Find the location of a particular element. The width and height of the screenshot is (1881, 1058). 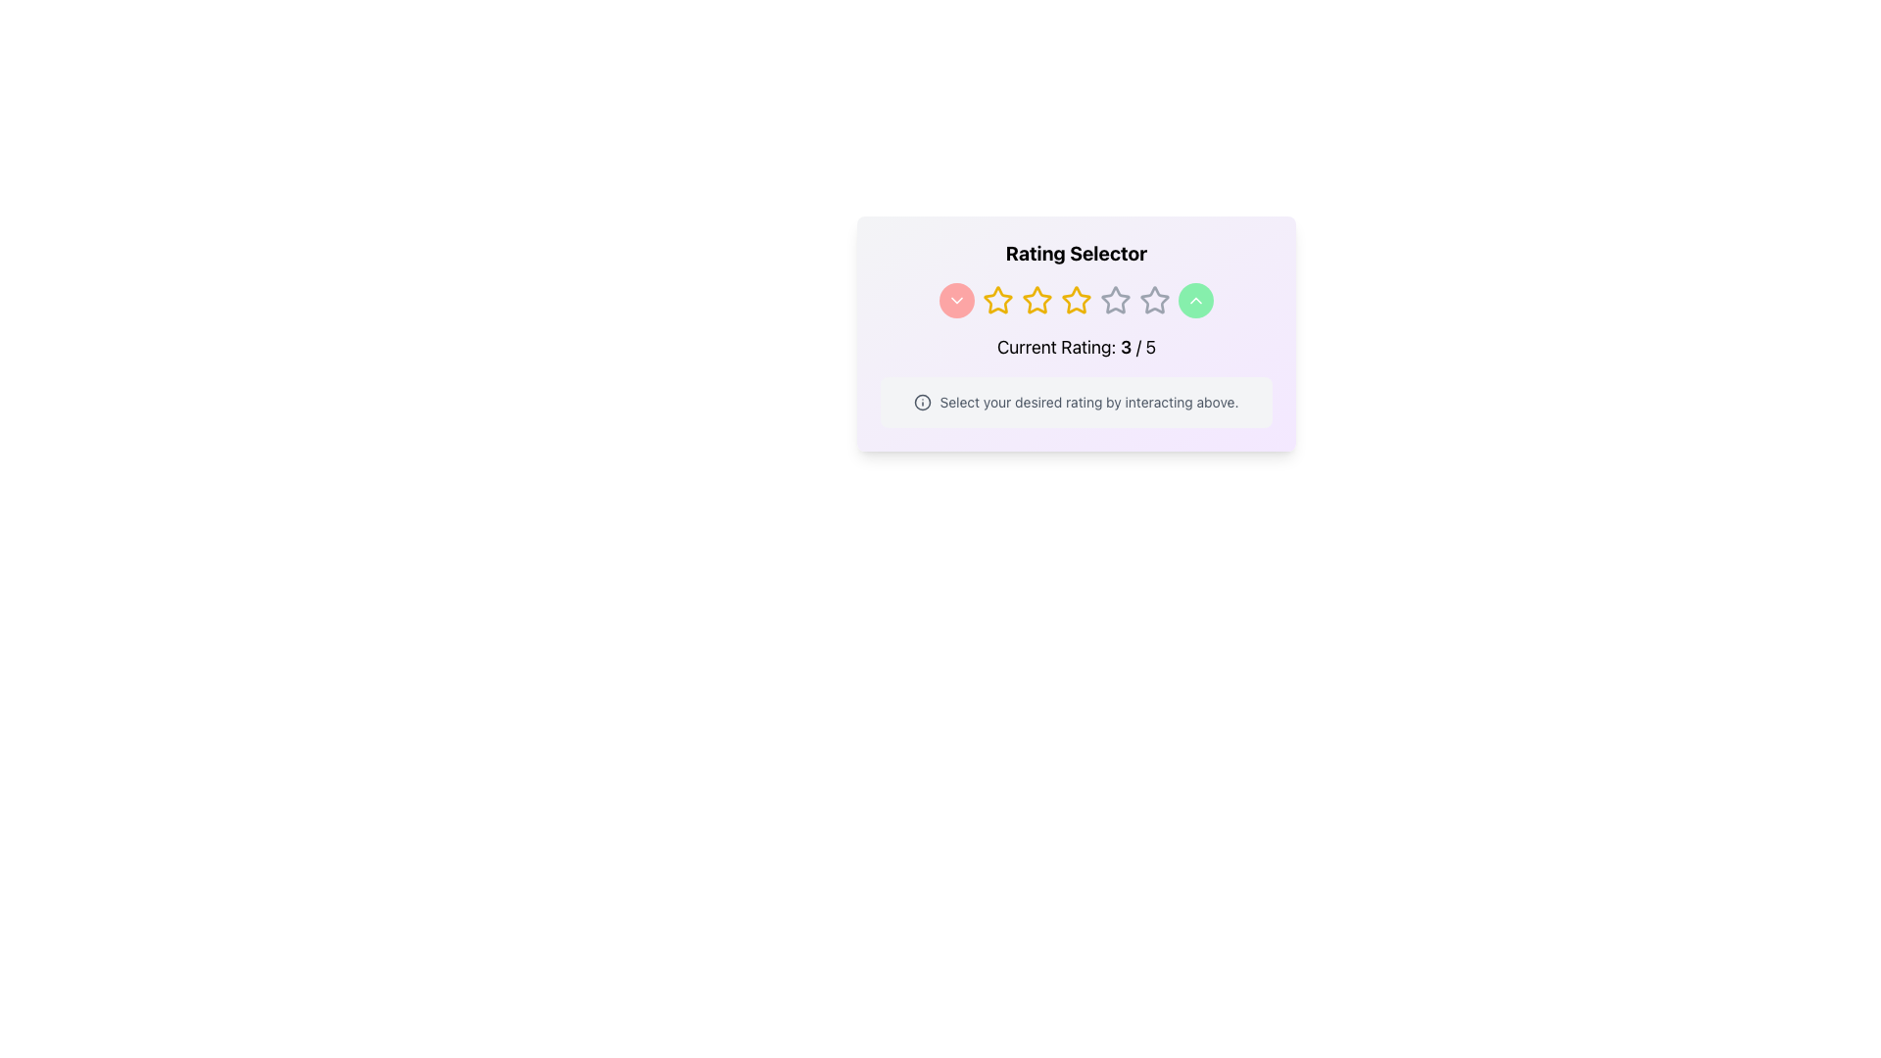

the third star icon in the 5-star rating selector is located at coordinates (1075, 299).